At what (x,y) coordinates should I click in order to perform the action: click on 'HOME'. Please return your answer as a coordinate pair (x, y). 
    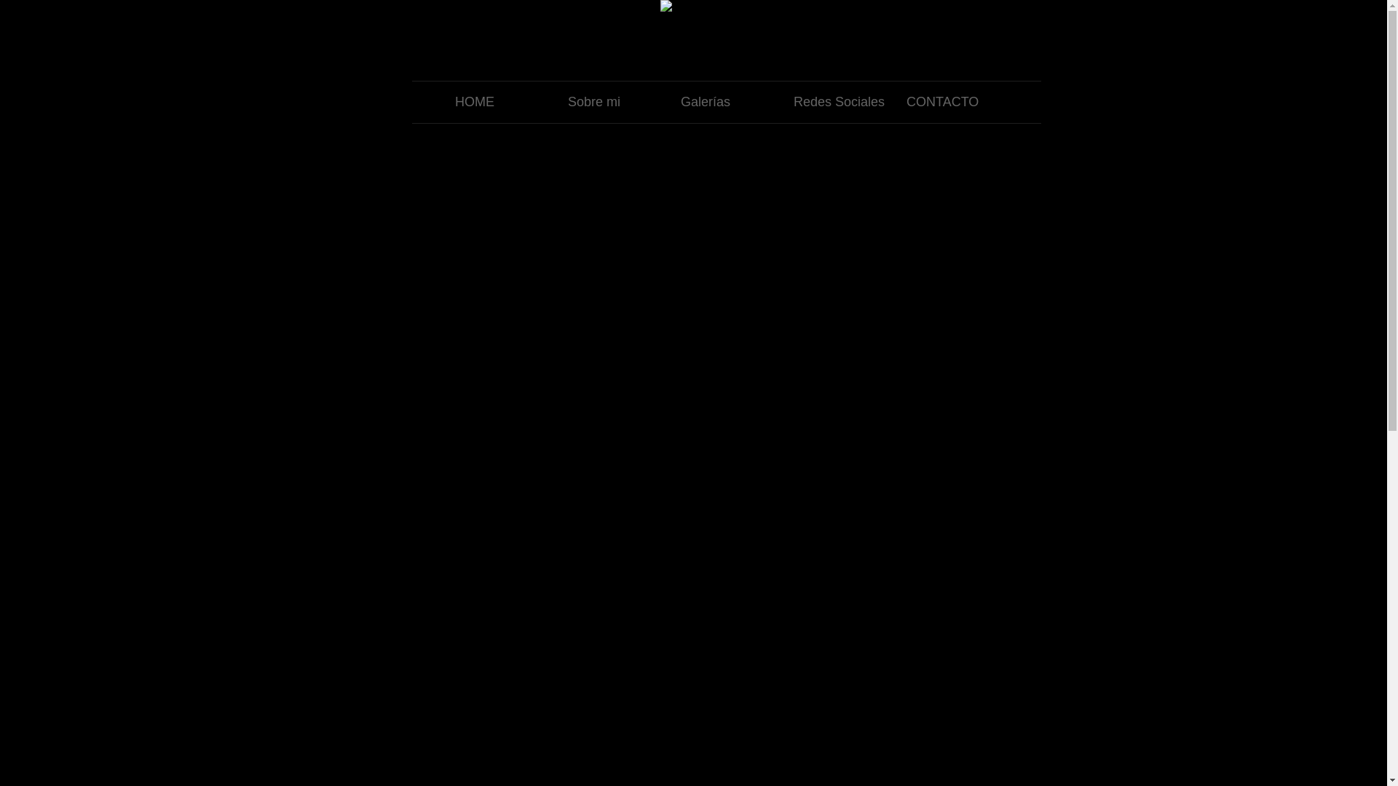
    Looking at the image, I should click on (500, 101).